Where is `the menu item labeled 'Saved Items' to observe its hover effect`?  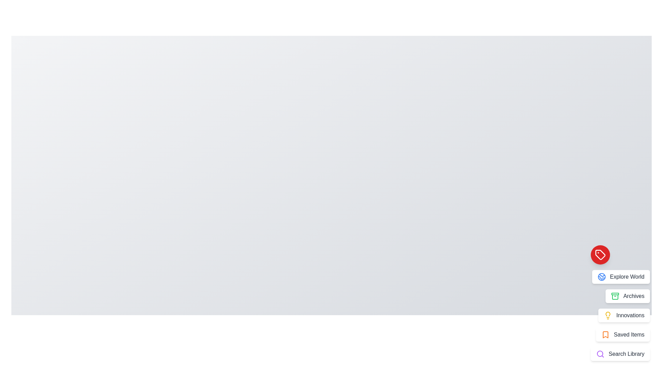
the menu item labeled 'Saved Items' to observe its hover effect is located at coordinates (623, 334).